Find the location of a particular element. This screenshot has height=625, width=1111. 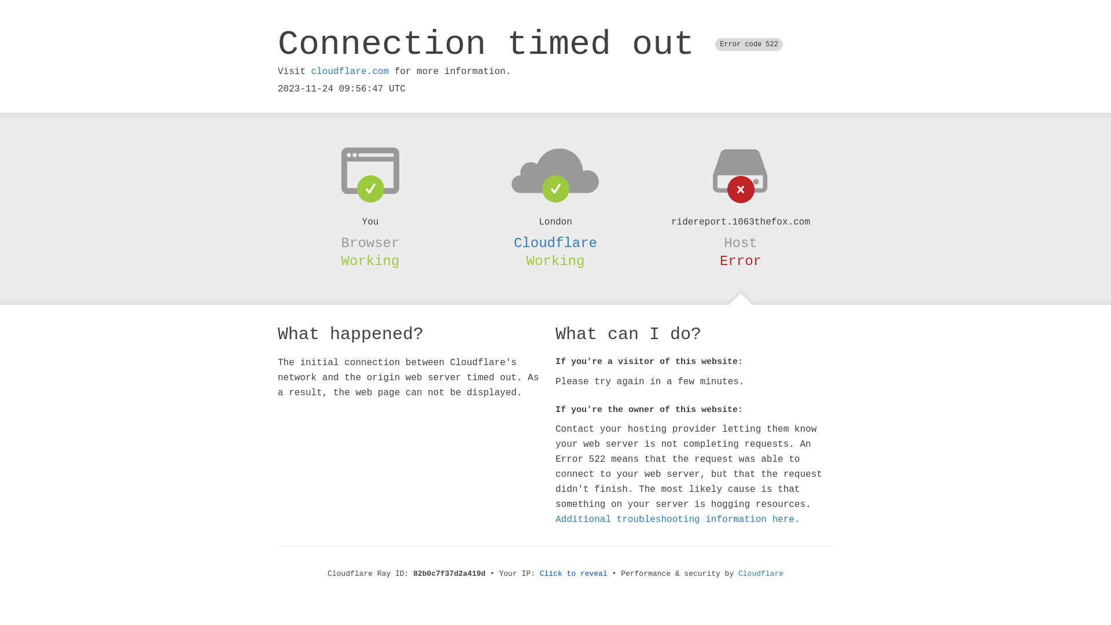

'Additional troubleshooting information here.' is located at coordinates (678, 519).